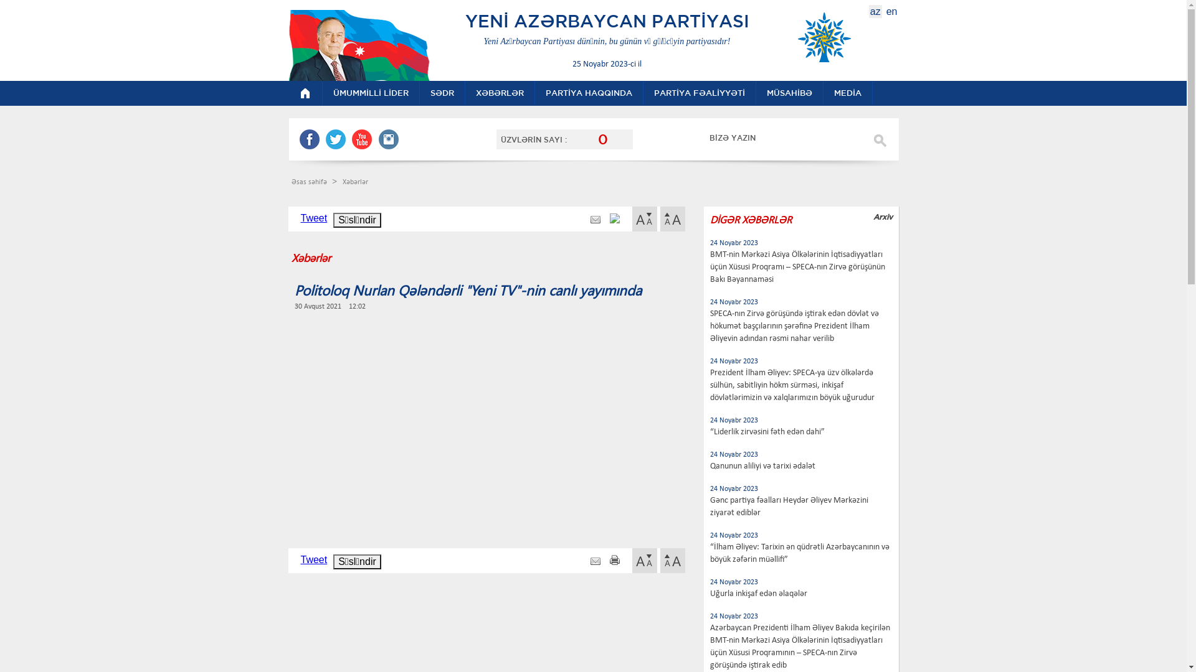 The height and width of the screenshot is (672, 1196). What do you see at coordinates (300, 559) in the screenshot?
I see `'Tweet'` at bounding box center [300, 559].